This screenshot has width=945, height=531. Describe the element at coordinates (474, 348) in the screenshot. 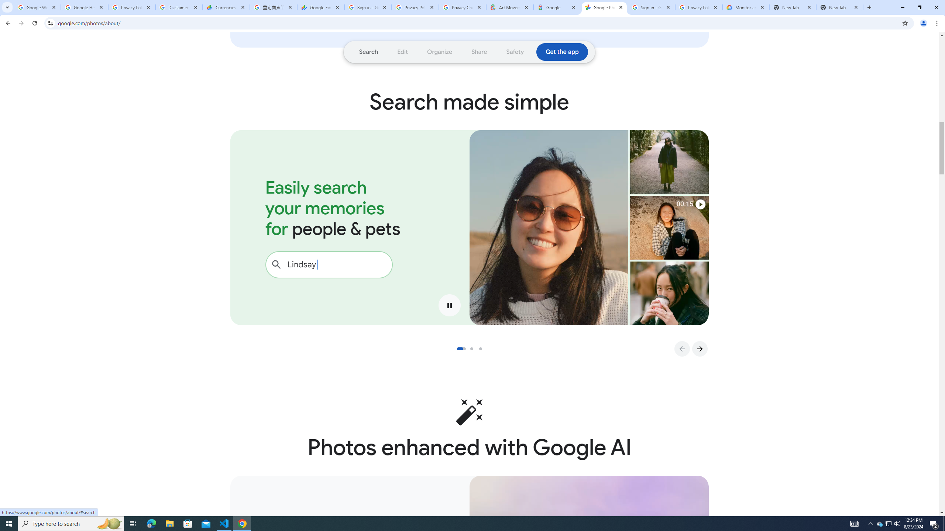

I see `'Go to slide 2'` at that location.